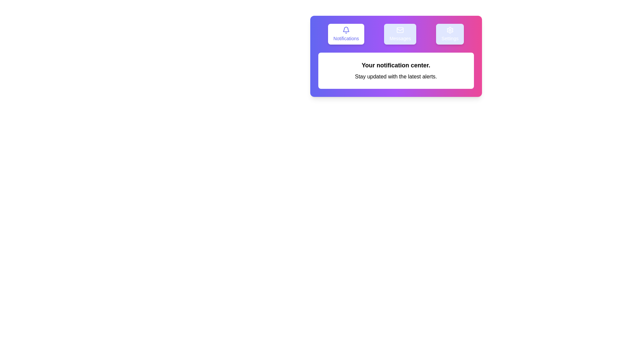 This screenshot has height=362, width=644. What do you see at coordinates (346, 29) in the screenshot?
I see `the bell icon located in the notification section, which is the first option on the left above the text 'Notifications'` at bounding box center [346, 29].